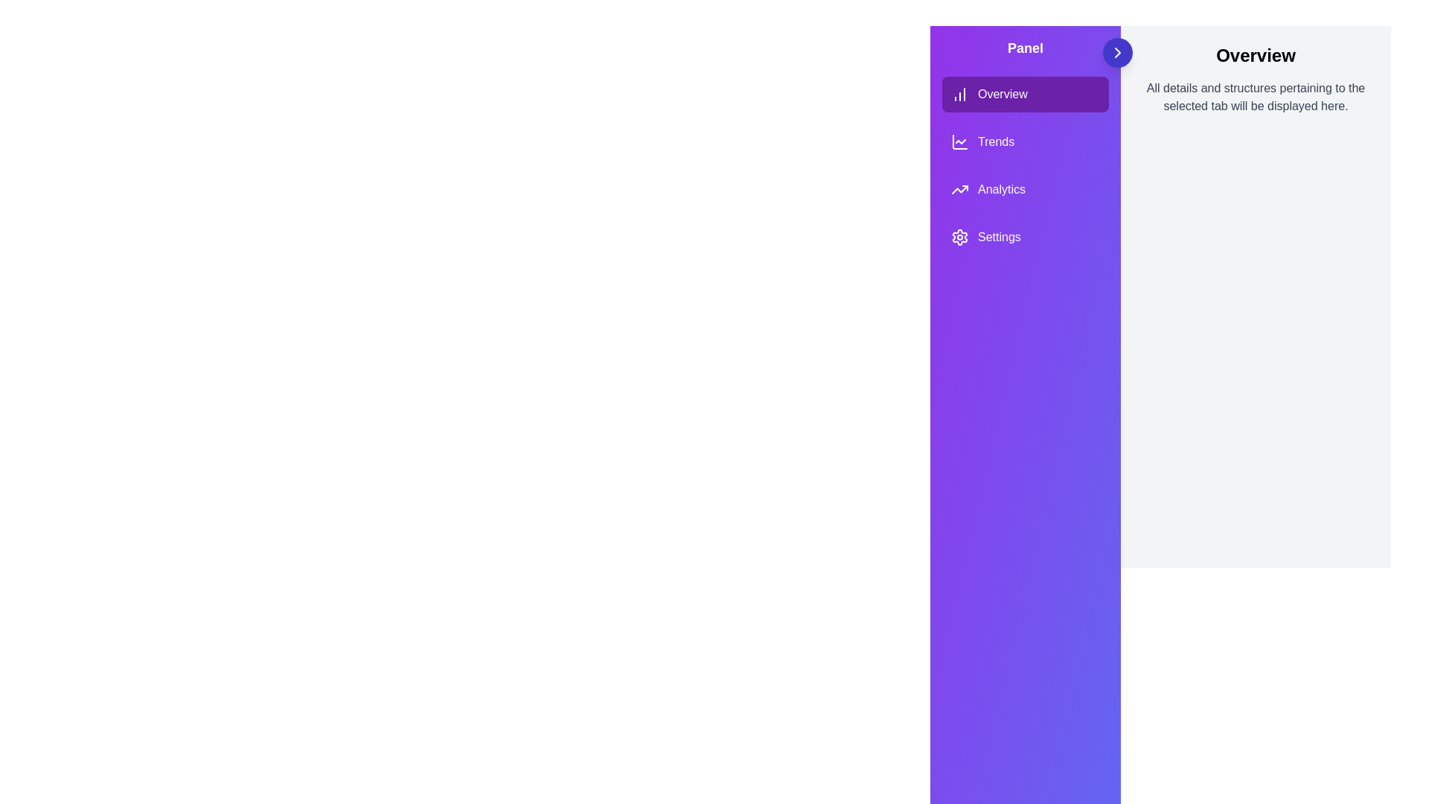 This screenshot has width=1429, height=804. What do you see at coordinates (1024, 188) in the screenshot?
I see `the tab labeled Analytics from the menu` at bounding box center [1024, 188].